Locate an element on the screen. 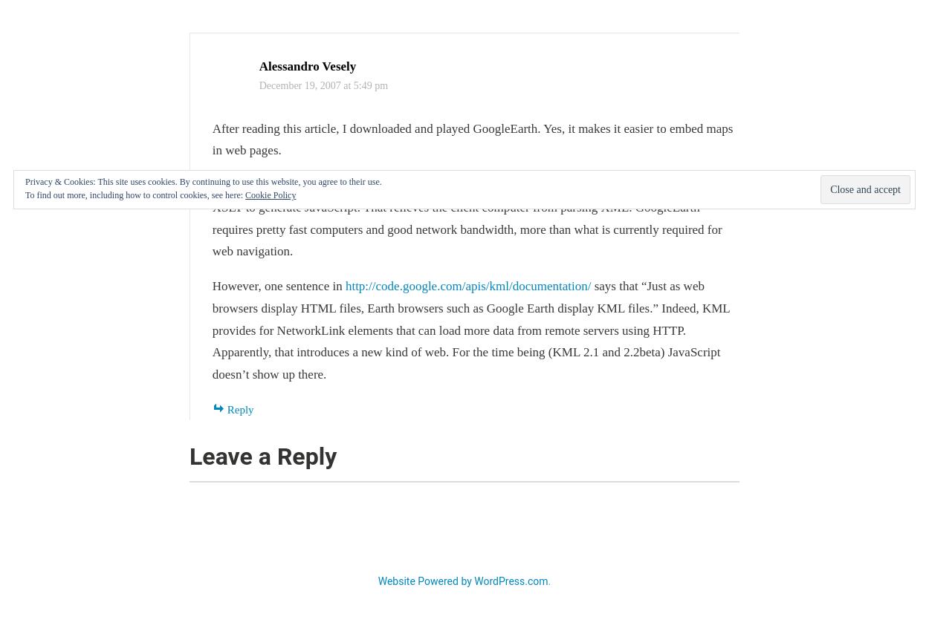  'December 19, 2007 at 5:49 pm' is located at coordinates (323, 85).